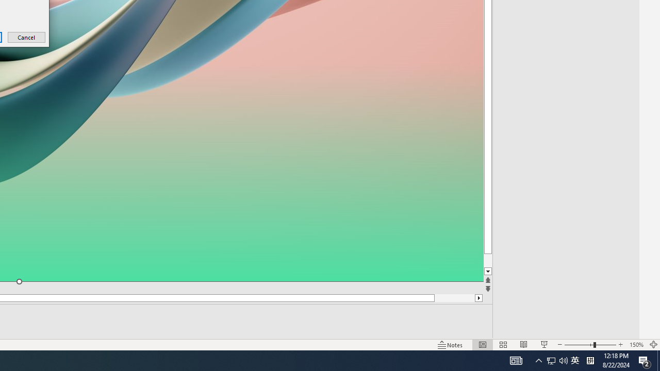  I want to click on 'Notification Chevron', so click(538, 360).